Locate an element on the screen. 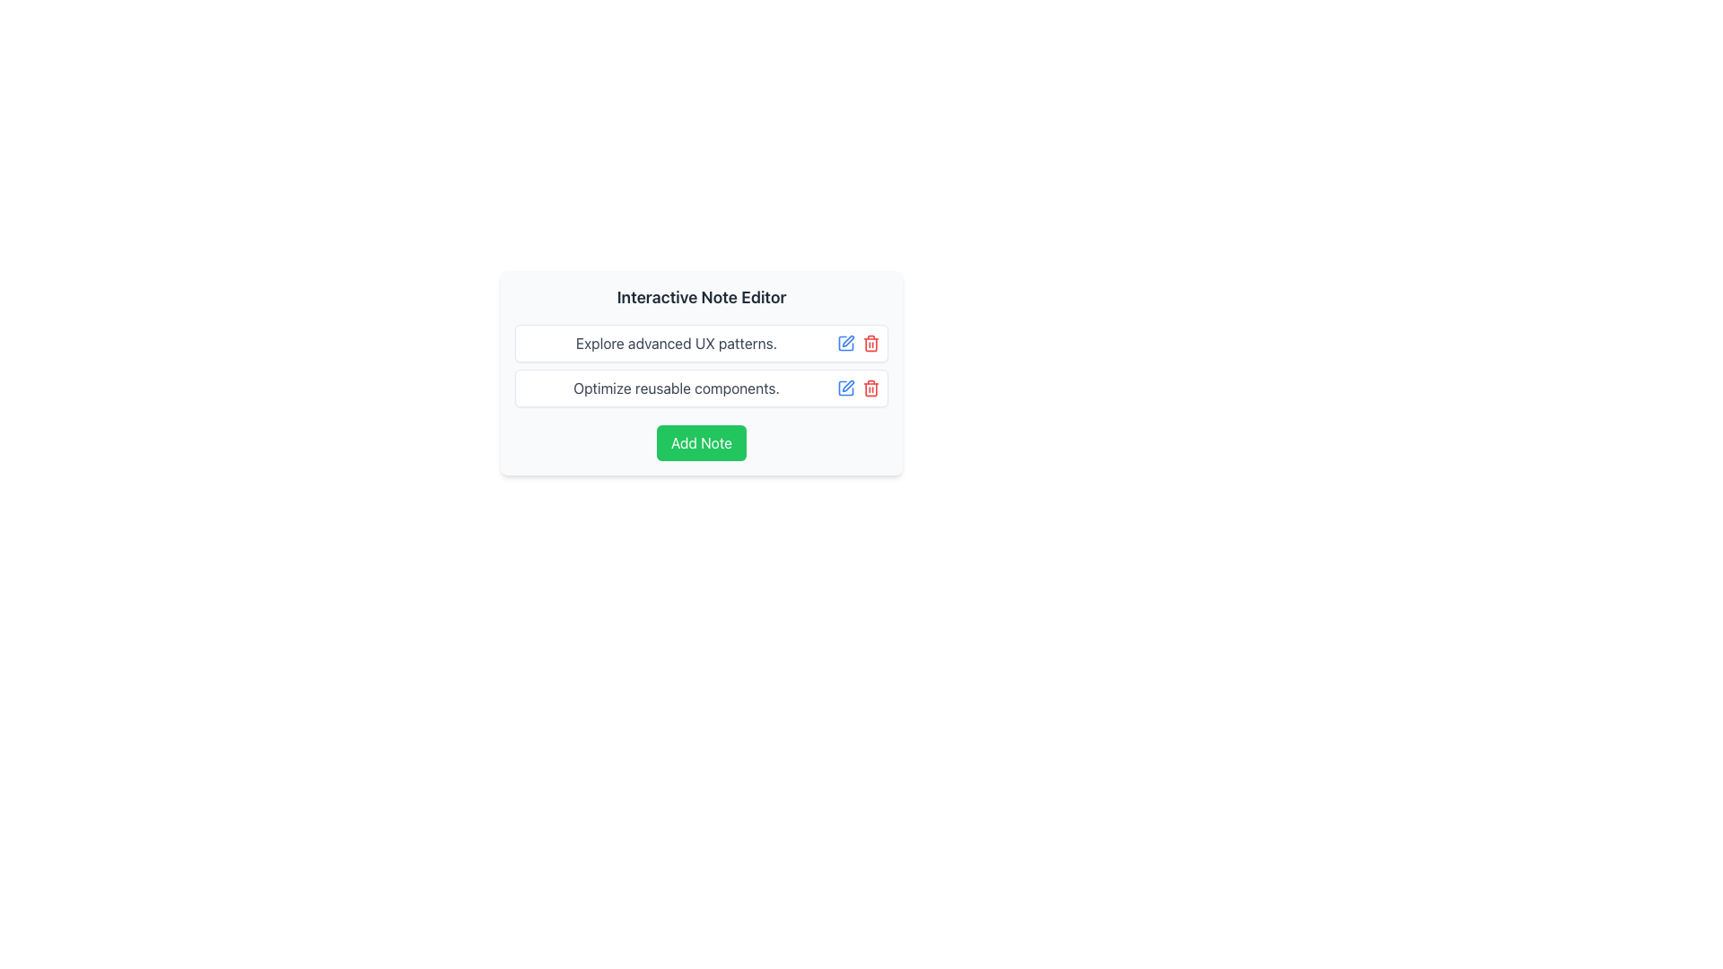 The height and width of the screenshot is (969, 1723). the text block containing the content 'Explore advanced UX patterns.' which is styled in gray and located at the top of the first card in the vertical list of cards is located at coordinates (675, 343).